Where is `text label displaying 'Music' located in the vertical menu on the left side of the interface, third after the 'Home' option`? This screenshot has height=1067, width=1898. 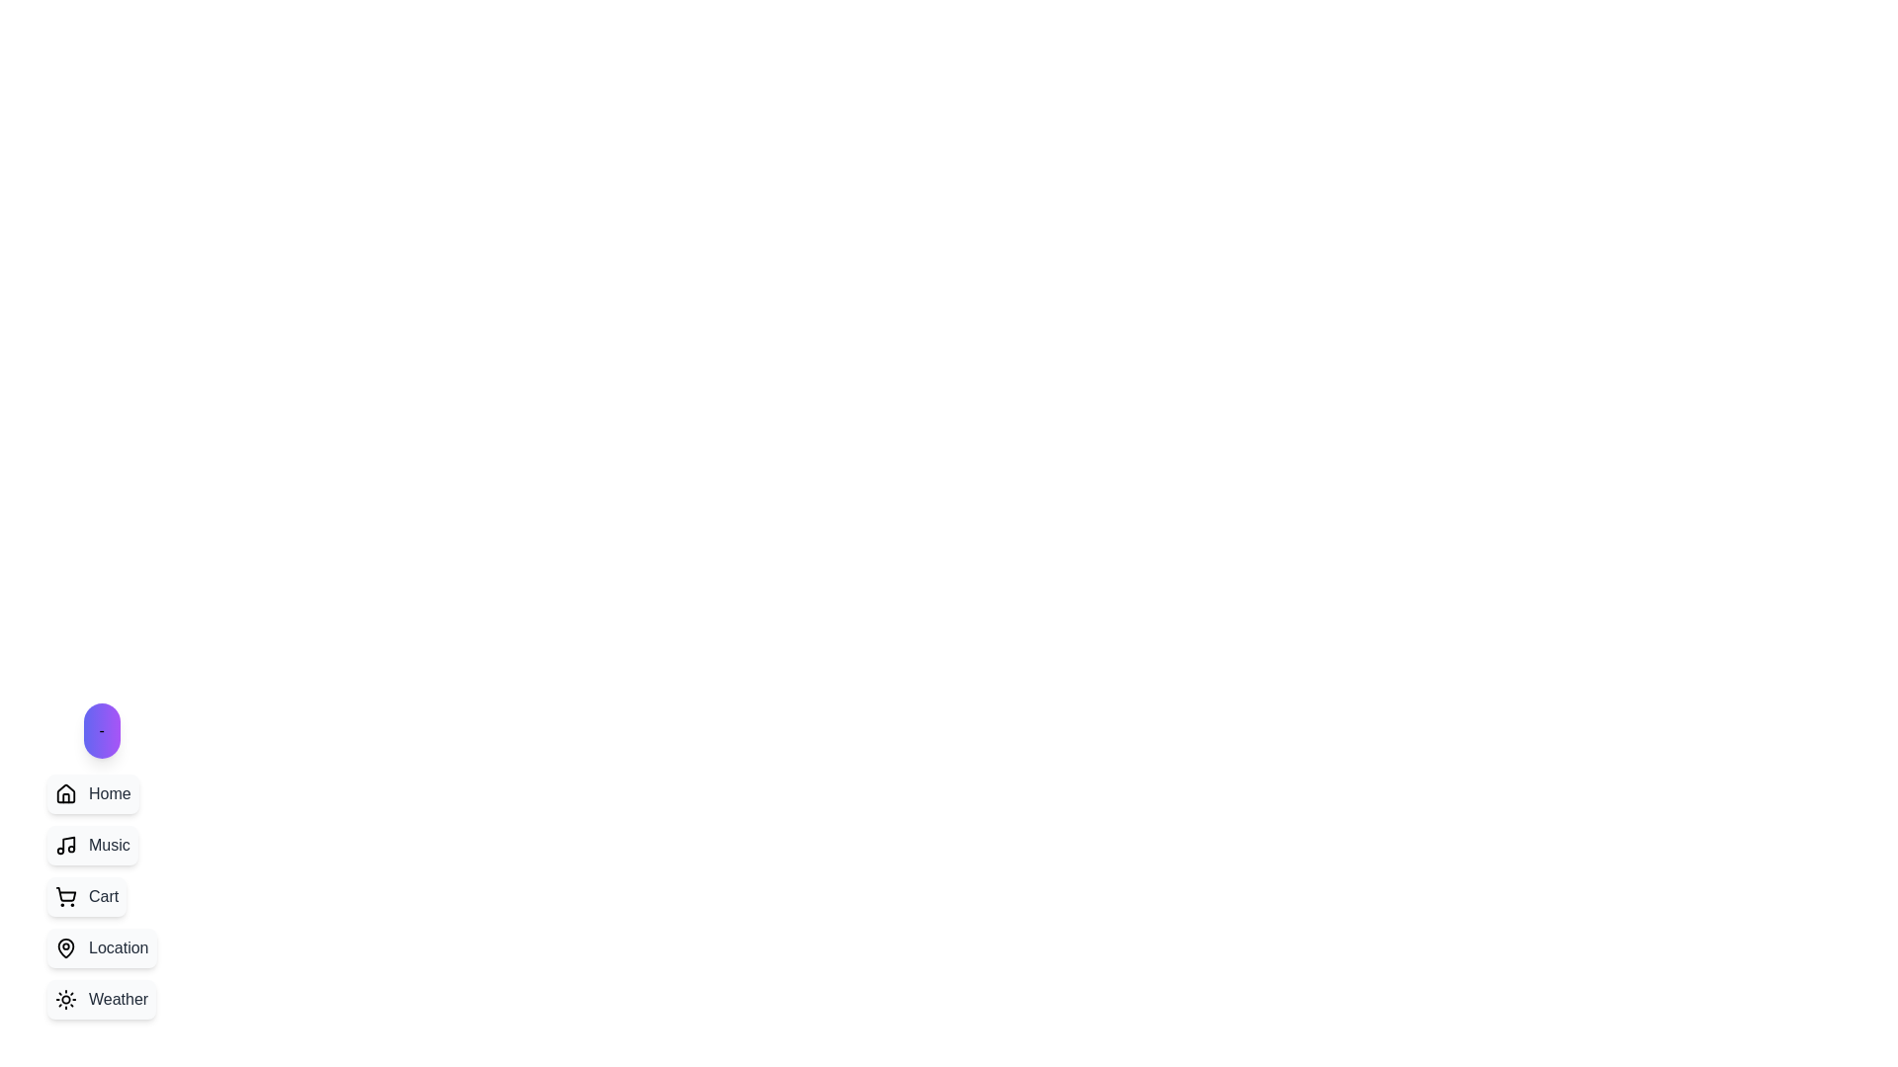
text label displaying 'Music' located in the vertical menu on the left side of the interface, third after the 'Home' option is located at coordinates (108, 845).